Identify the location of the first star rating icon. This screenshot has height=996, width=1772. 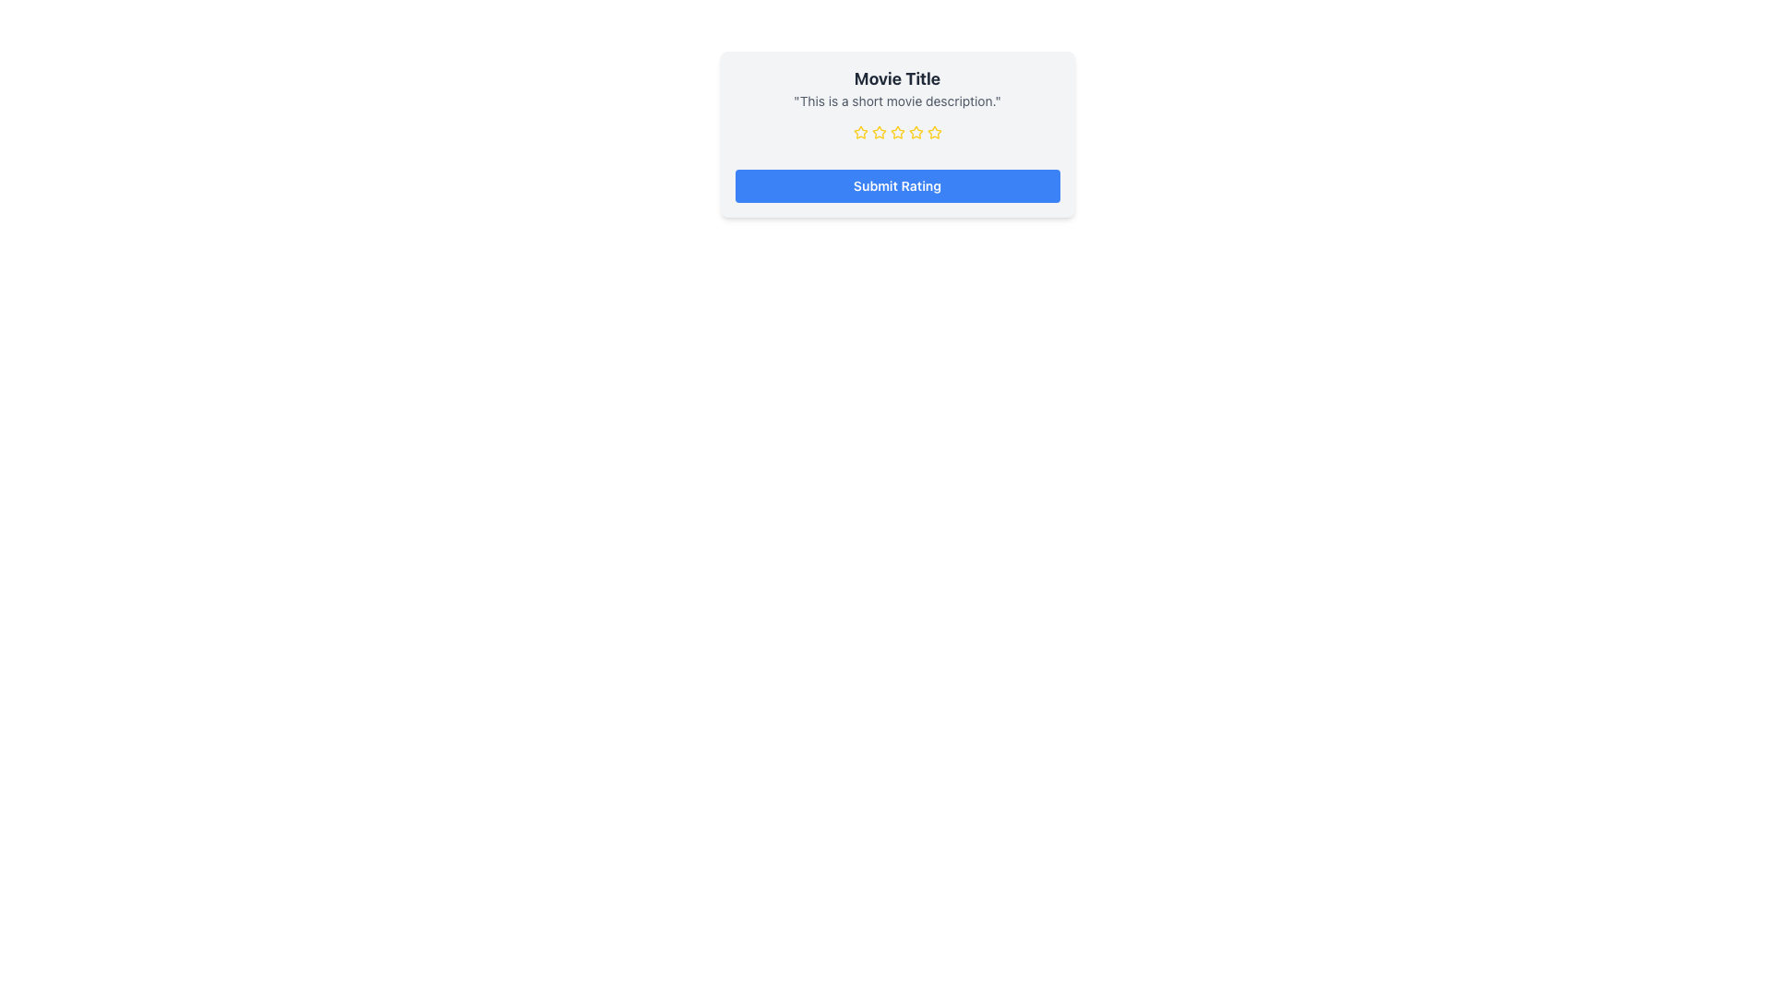
(859, 131).